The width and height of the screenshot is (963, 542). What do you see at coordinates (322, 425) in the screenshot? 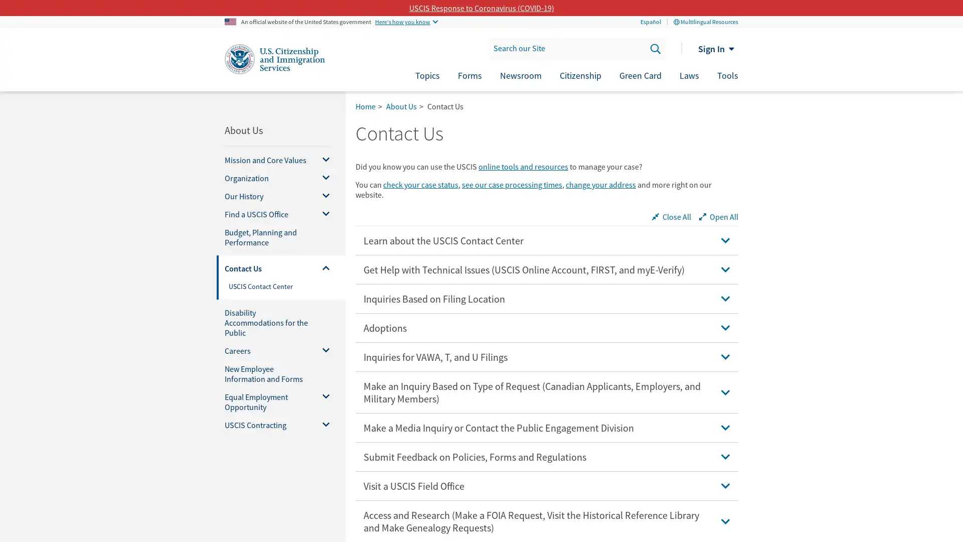
I see `Toggle menu for USCIS Contracting` at bounding box center [322, 425].